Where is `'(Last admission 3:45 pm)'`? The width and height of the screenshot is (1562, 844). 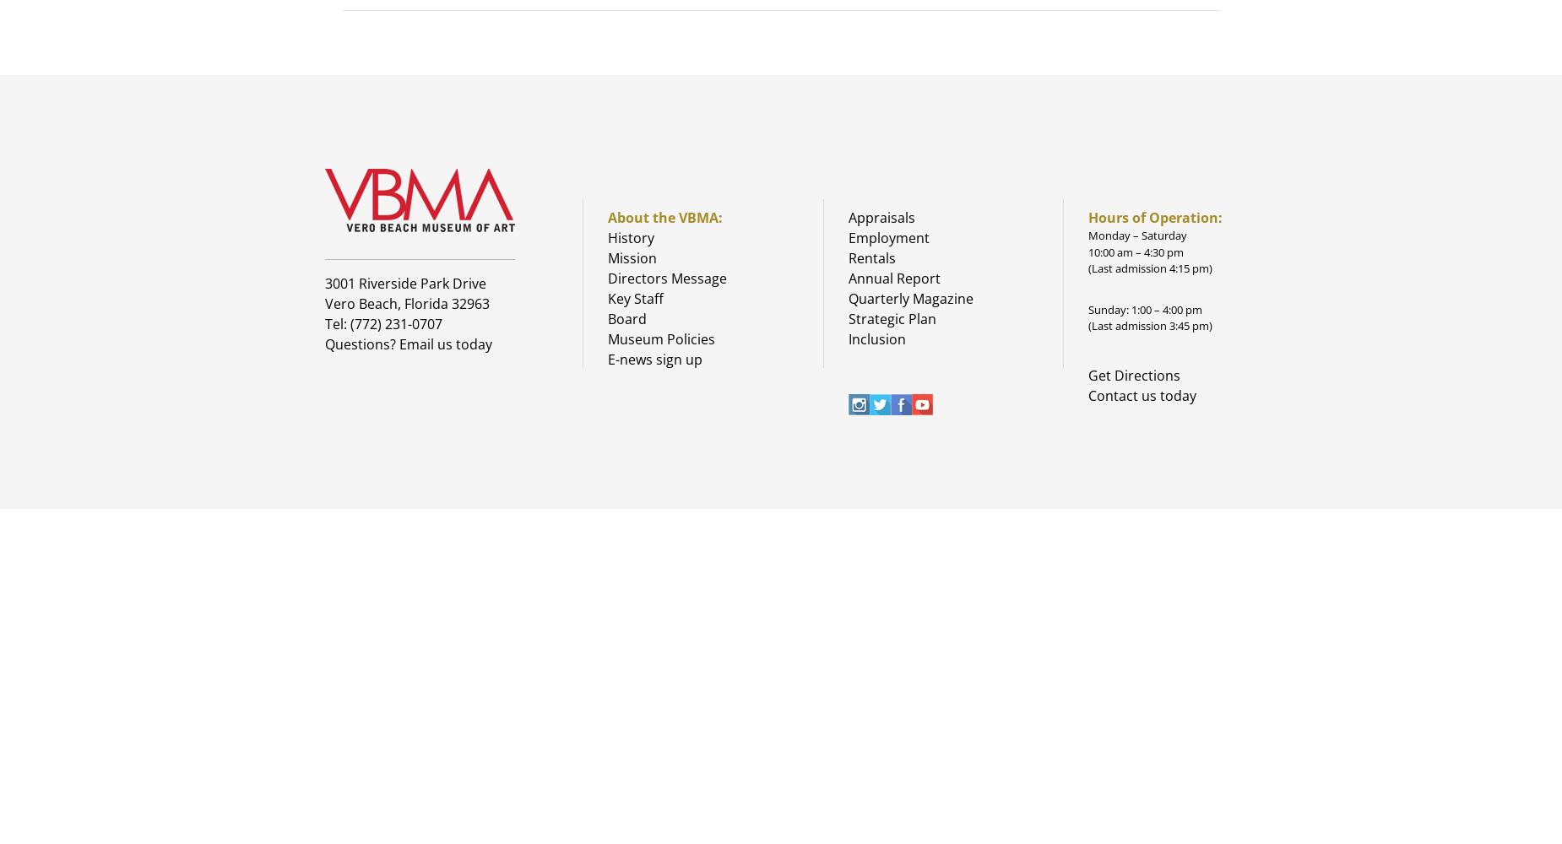
'(Last admission 3:45 pm)' is located at coordinates (1149, 326).